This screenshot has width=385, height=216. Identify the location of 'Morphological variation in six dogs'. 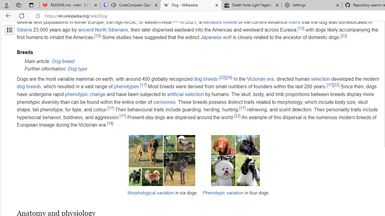
(162, 160).